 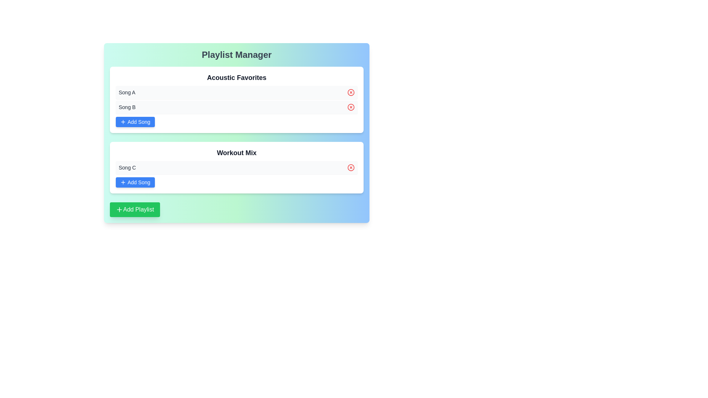 I want to click on the green 'Add Playlist' button with rounded corners located at the bottom of the 'Playlist Manager' section to create a new playlist, so click(x=135, y=210).